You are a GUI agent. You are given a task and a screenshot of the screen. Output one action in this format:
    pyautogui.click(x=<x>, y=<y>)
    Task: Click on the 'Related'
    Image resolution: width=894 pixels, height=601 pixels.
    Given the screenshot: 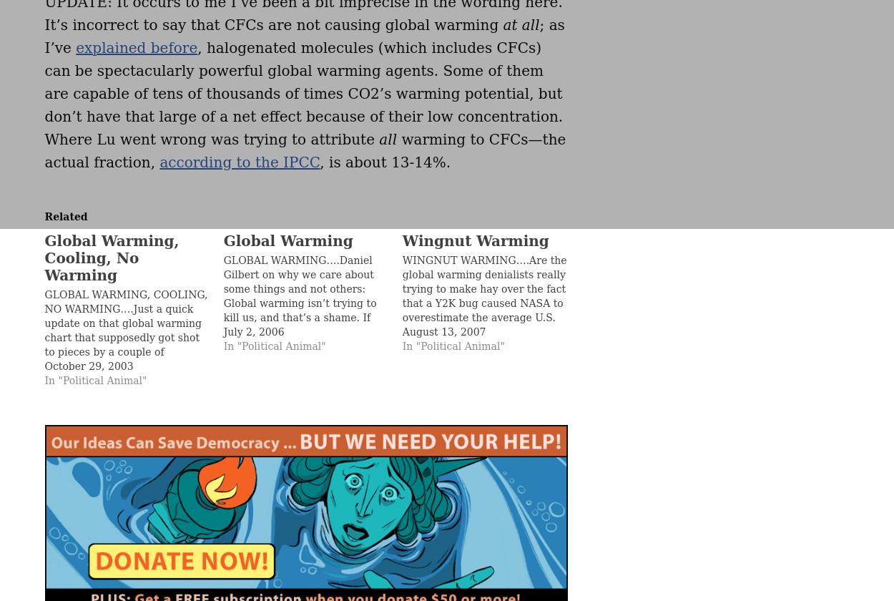 What is the action you would take?
    pyautogui.click(x=65, y=216)
    